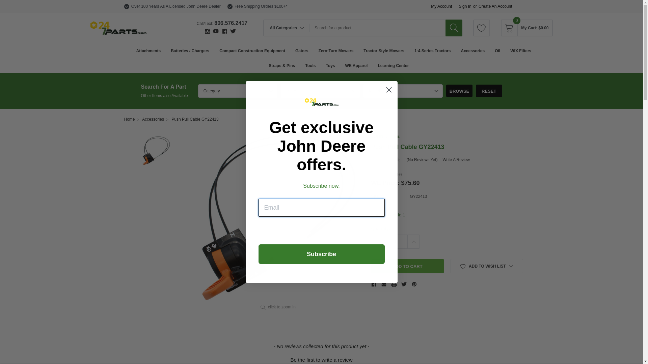 The image size is (648, 364). What do you see at coordinates (282, 65) in the screenshot?
I see `'Straps & Pins'` at bounding box center [282, 65].